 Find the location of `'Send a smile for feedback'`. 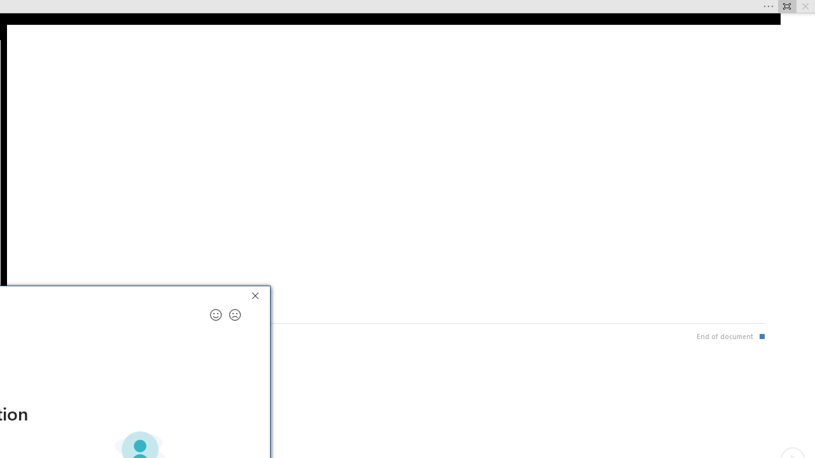

'Send a smile for feedback' is located at coordinates (216, 315).